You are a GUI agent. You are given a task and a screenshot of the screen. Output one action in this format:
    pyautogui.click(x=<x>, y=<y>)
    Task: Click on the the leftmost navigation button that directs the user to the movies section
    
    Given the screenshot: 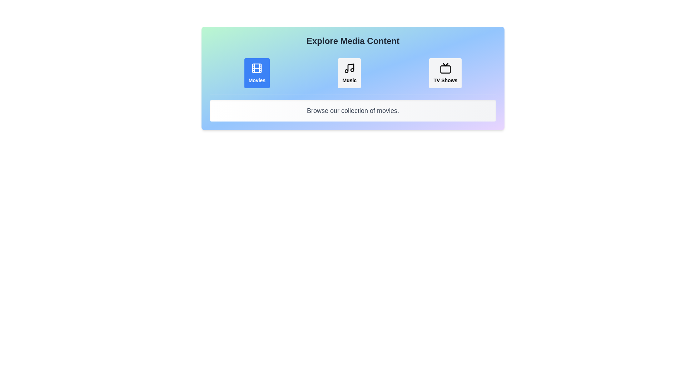 What is the action you would take?
    pyautogui.click(x=257, y=73)
    